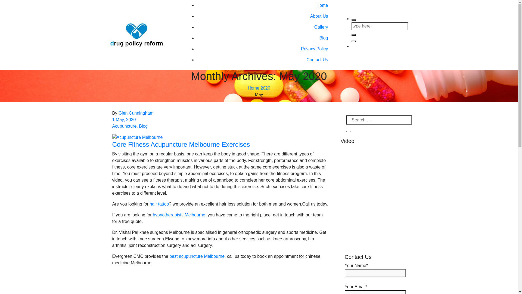  Describe the element at coordinates (136, 113) in the screenshot. I see `'Glen Cunningham'` at that location.